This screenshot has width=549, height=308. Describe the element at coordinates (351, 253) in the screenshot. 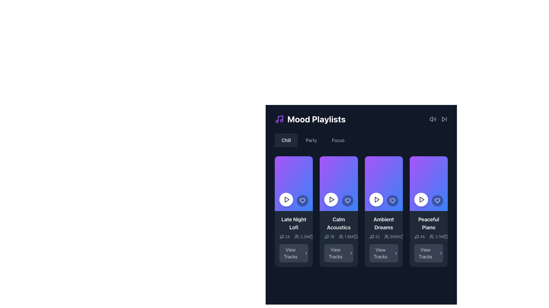

I see `the chevron icon on the 'View Tracks' button` at that location.